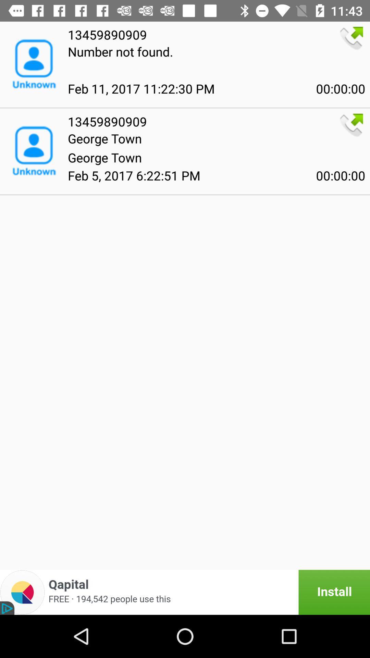  I want to click on install the advertisement, so click(185, 592).